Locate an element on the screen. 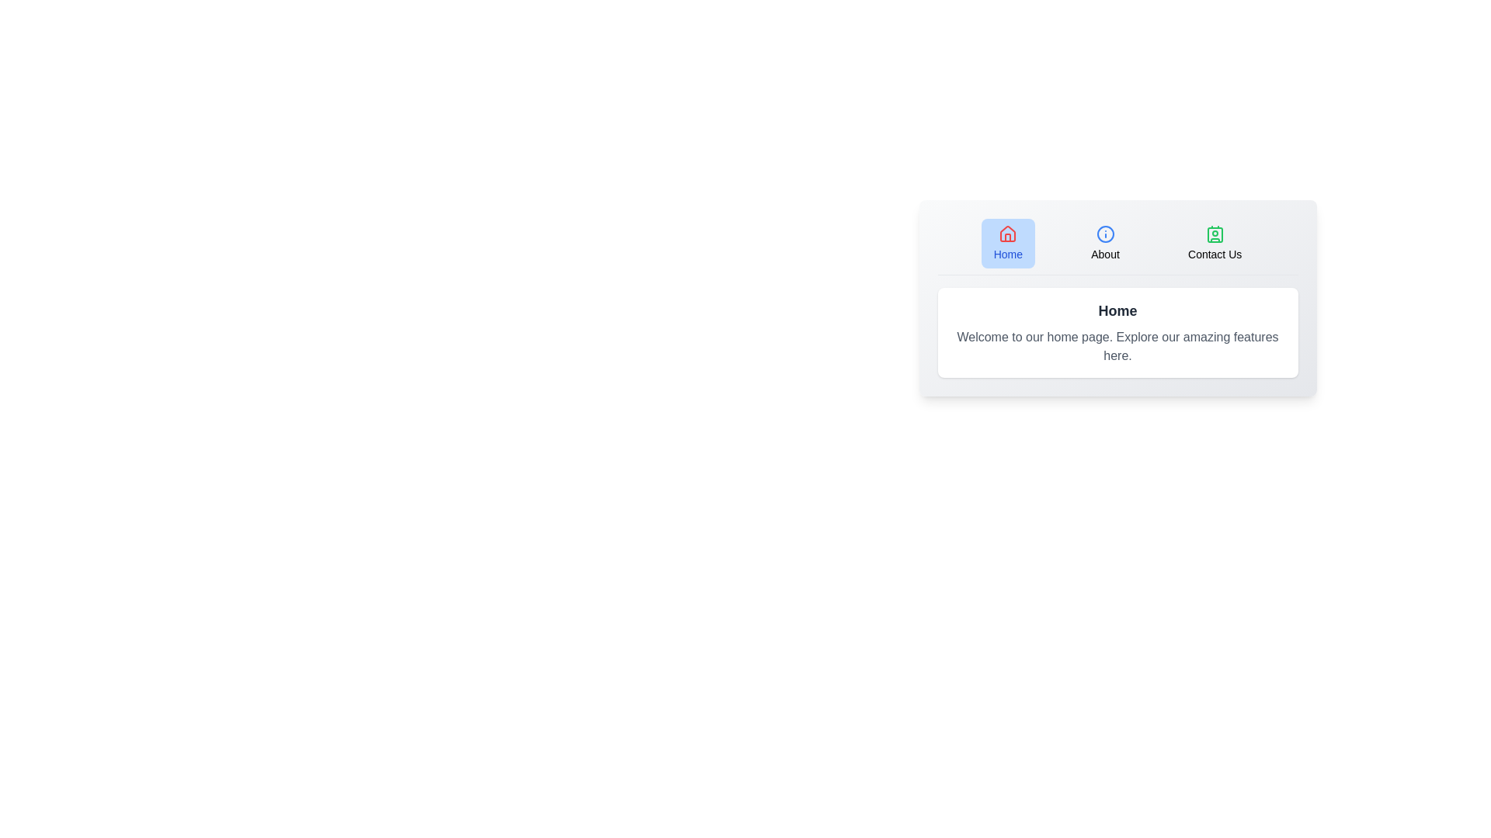  the About tab by clicking on its respective icon or title is located at coordinates (1104, 243).